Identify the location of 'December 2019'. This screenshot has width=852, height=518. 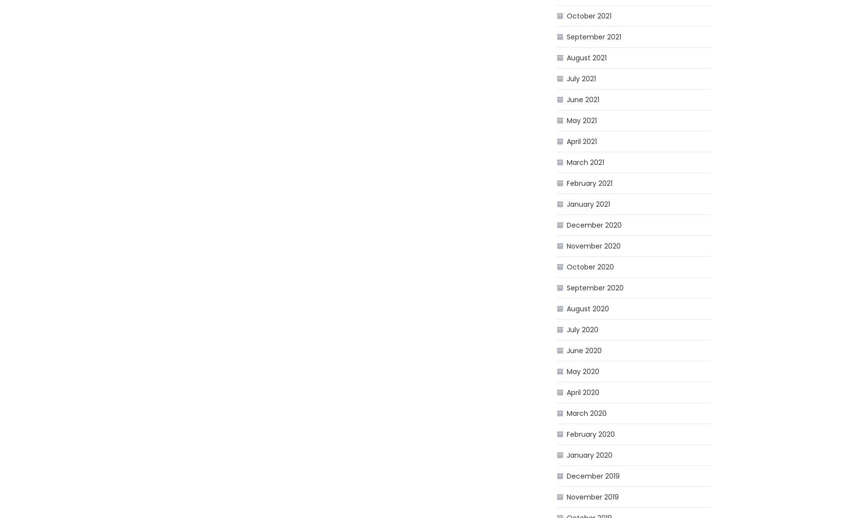
(593, 476).